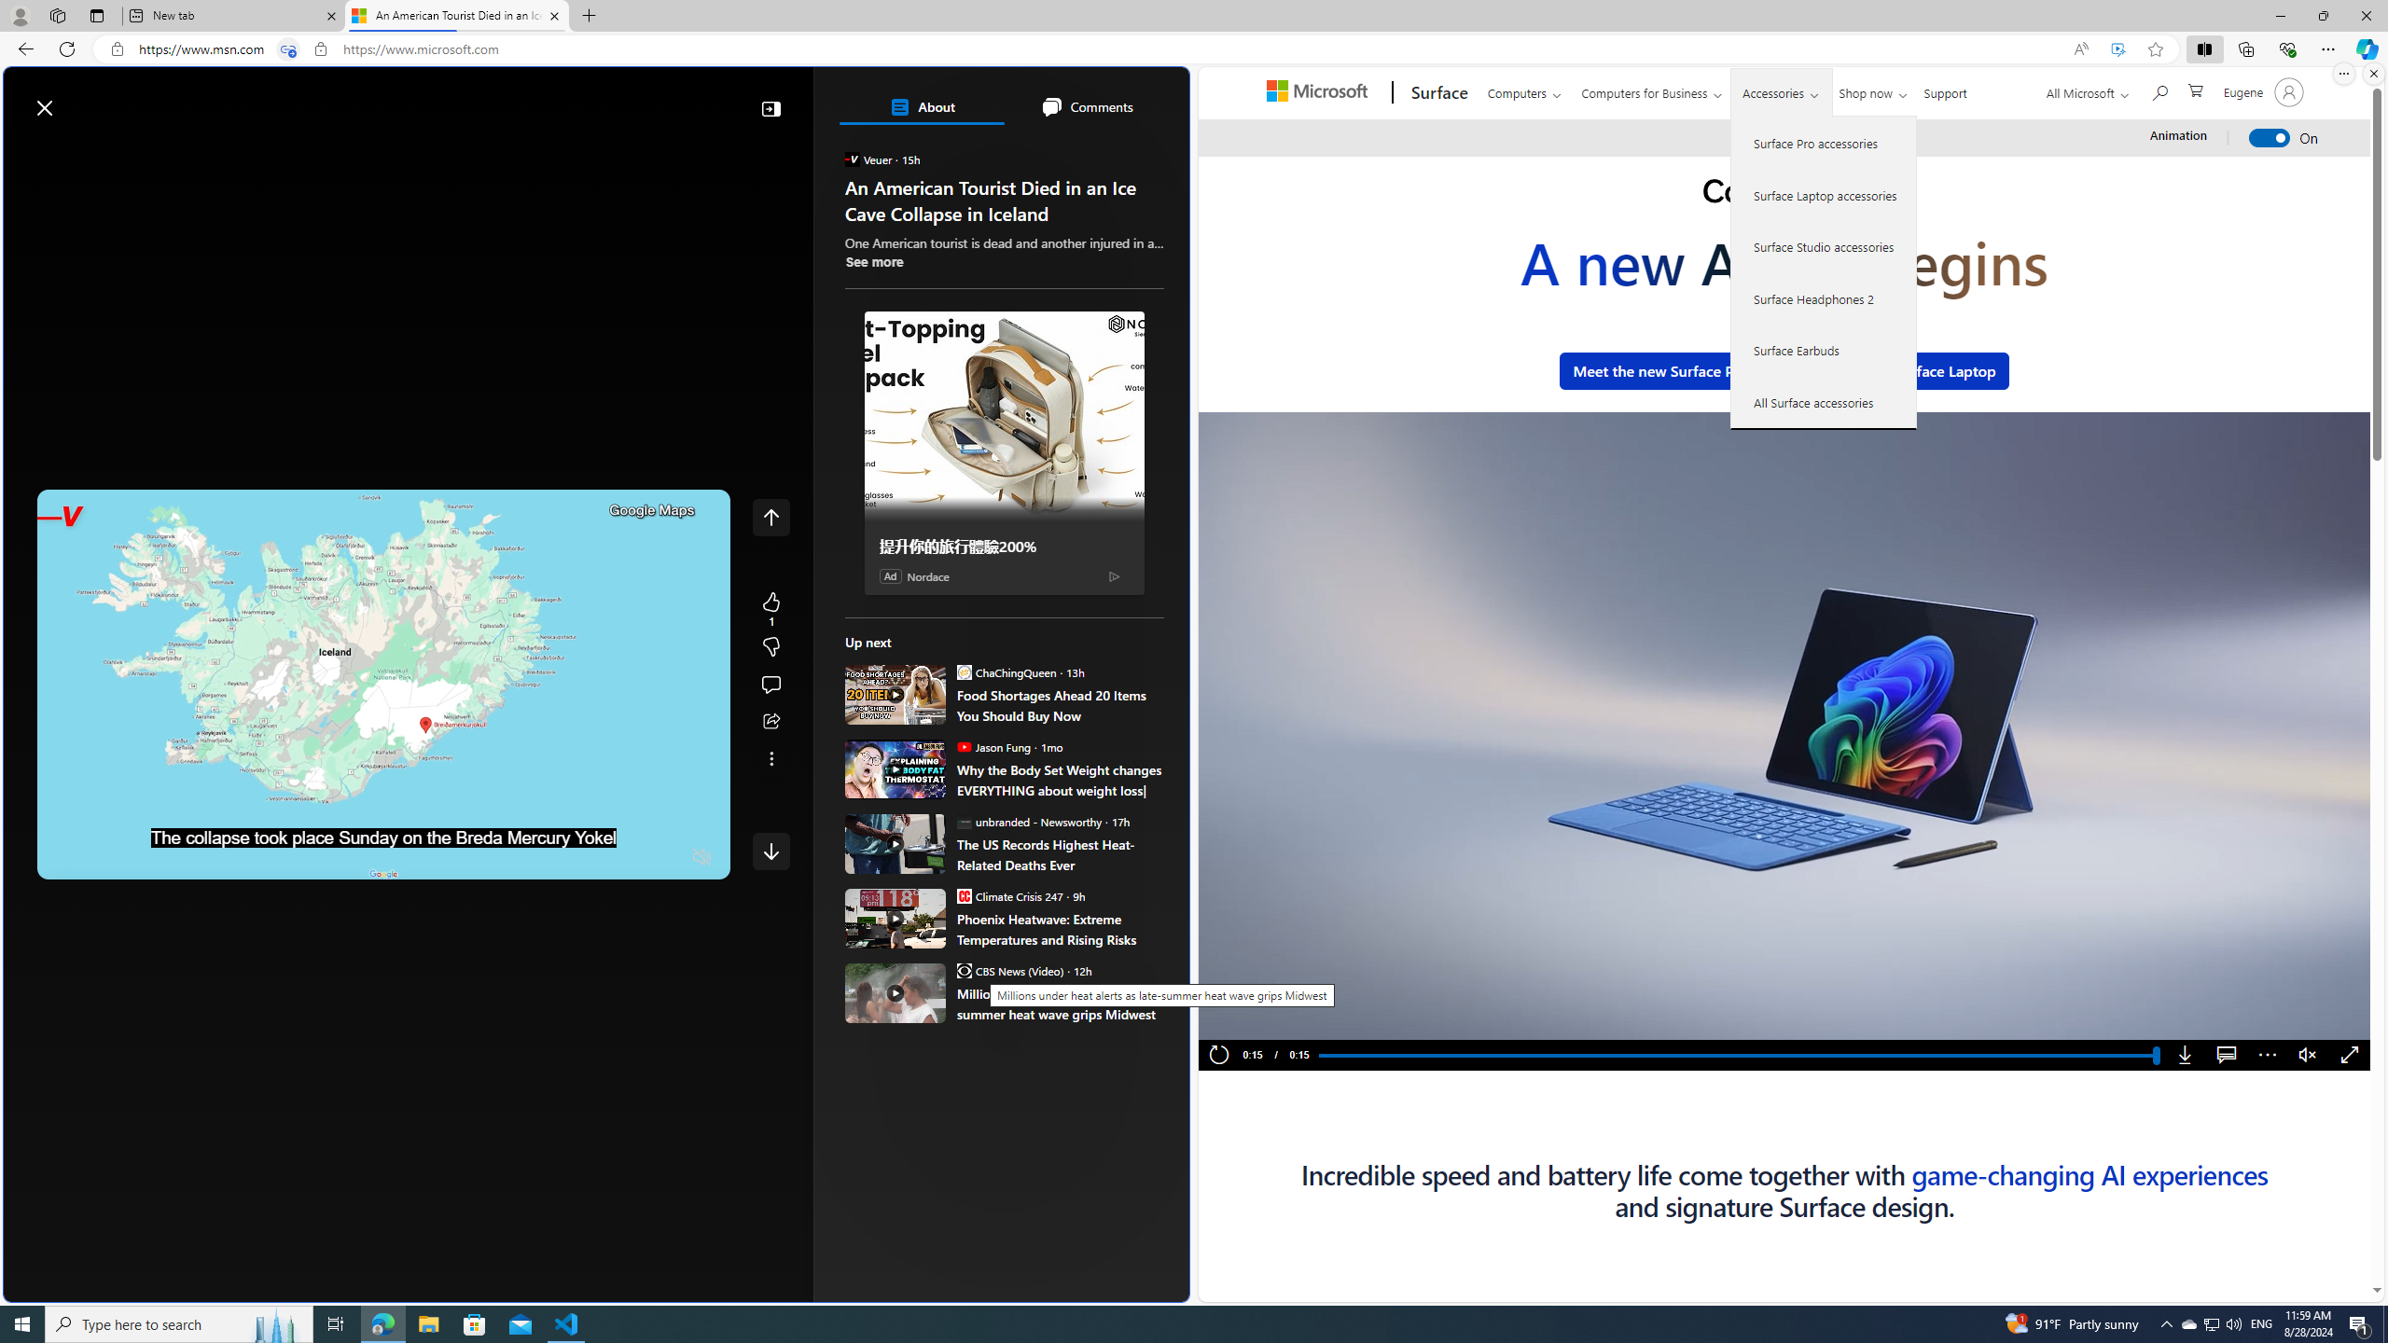  Describe the element at coordinates (26, 151) in the screenshot. I see `'Class: button-glyph'` at that location.